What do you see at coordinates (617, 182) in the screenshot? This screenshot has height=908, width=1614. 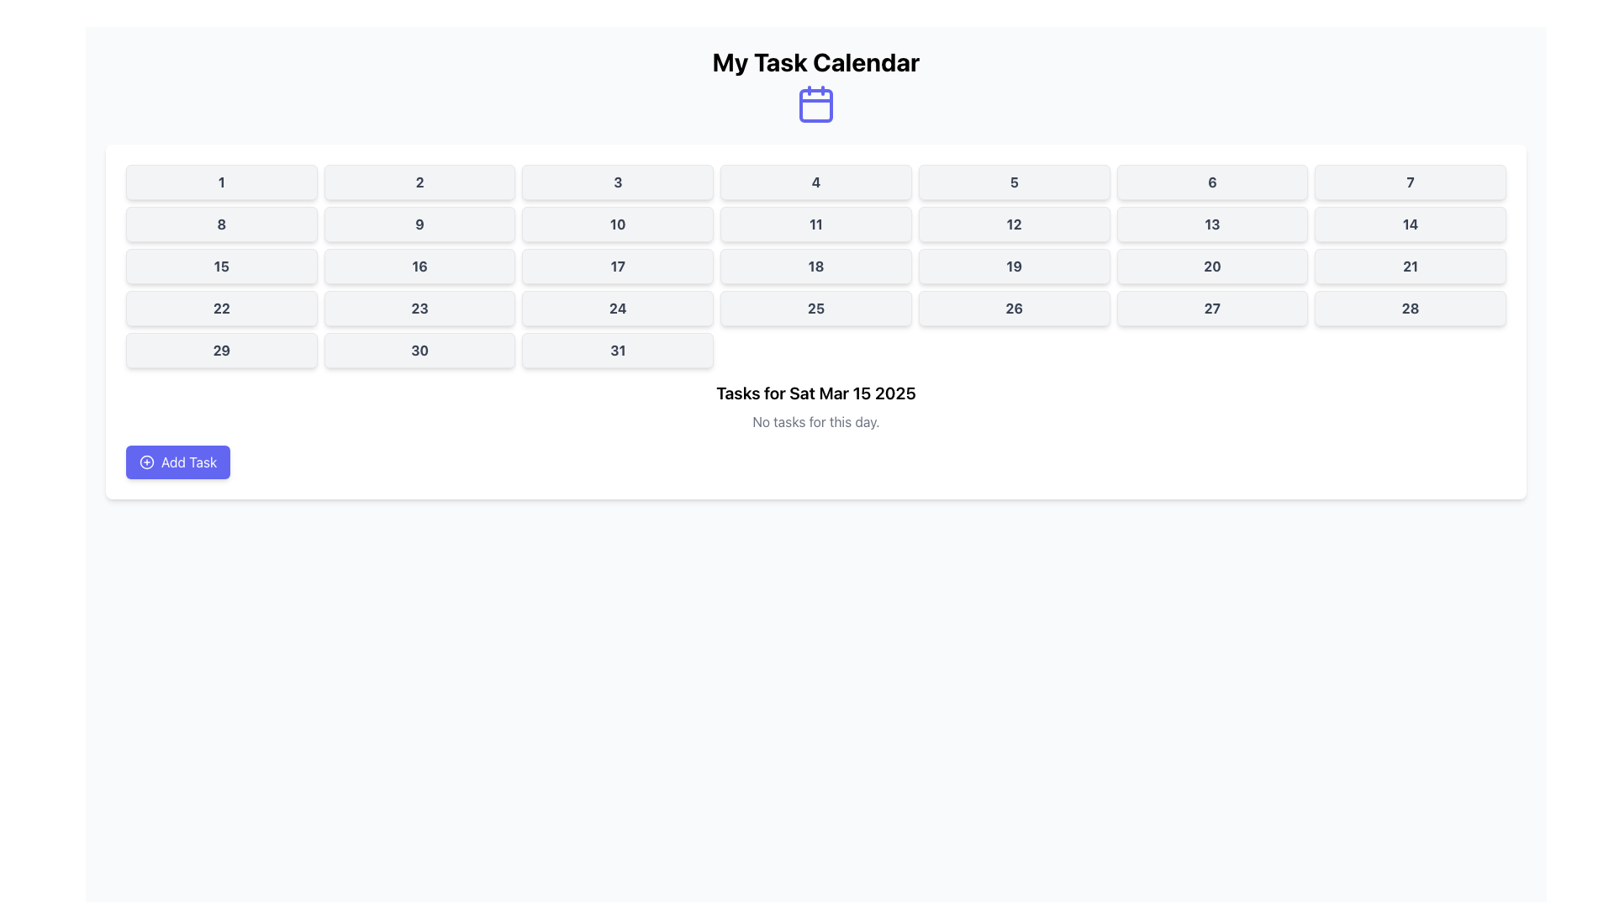 I see `the button representing the third day in the calendar` at bounding box center [617, 182].